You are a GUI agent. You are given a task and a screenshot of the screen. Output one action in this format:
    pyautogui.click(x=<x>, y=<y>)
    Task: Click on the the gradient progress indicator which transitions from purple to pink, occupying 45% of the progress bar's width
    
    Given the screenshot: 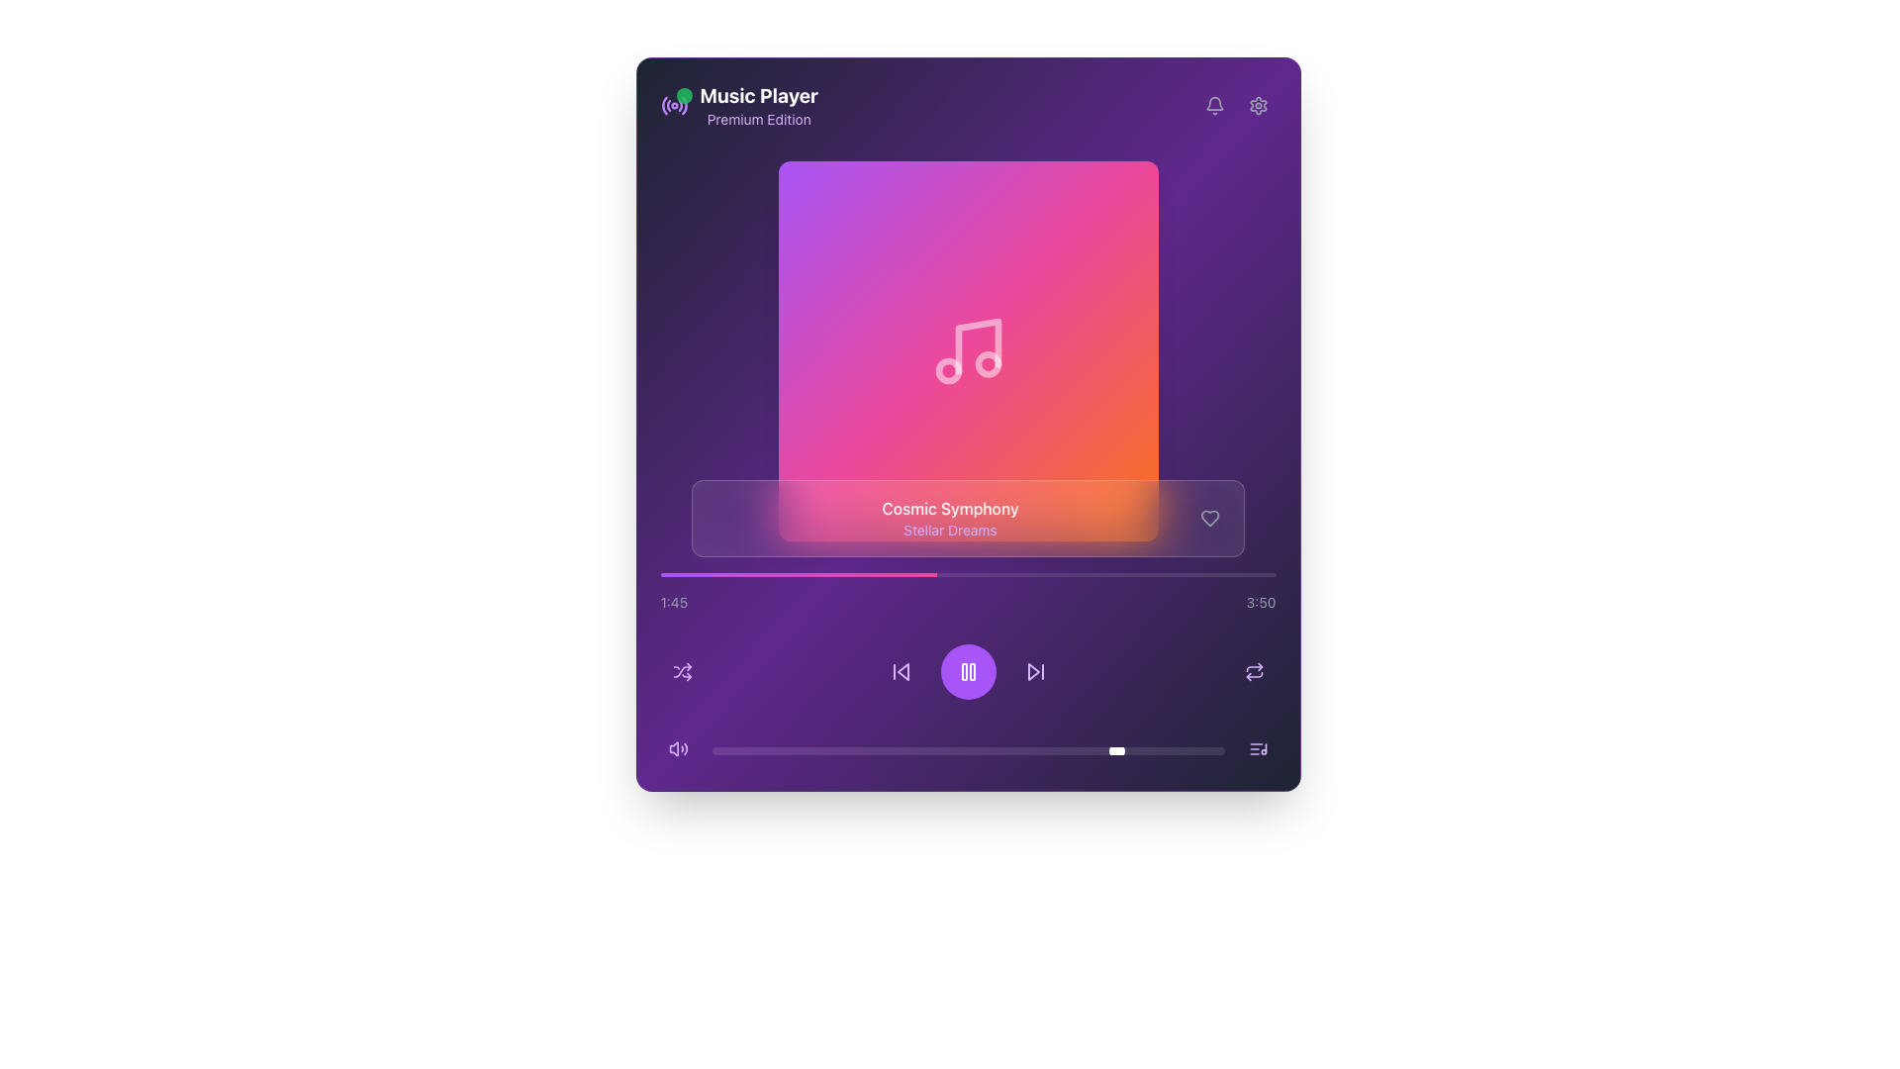 What is the action you would take?
    pyautogui.click(x=799, y=575)
    